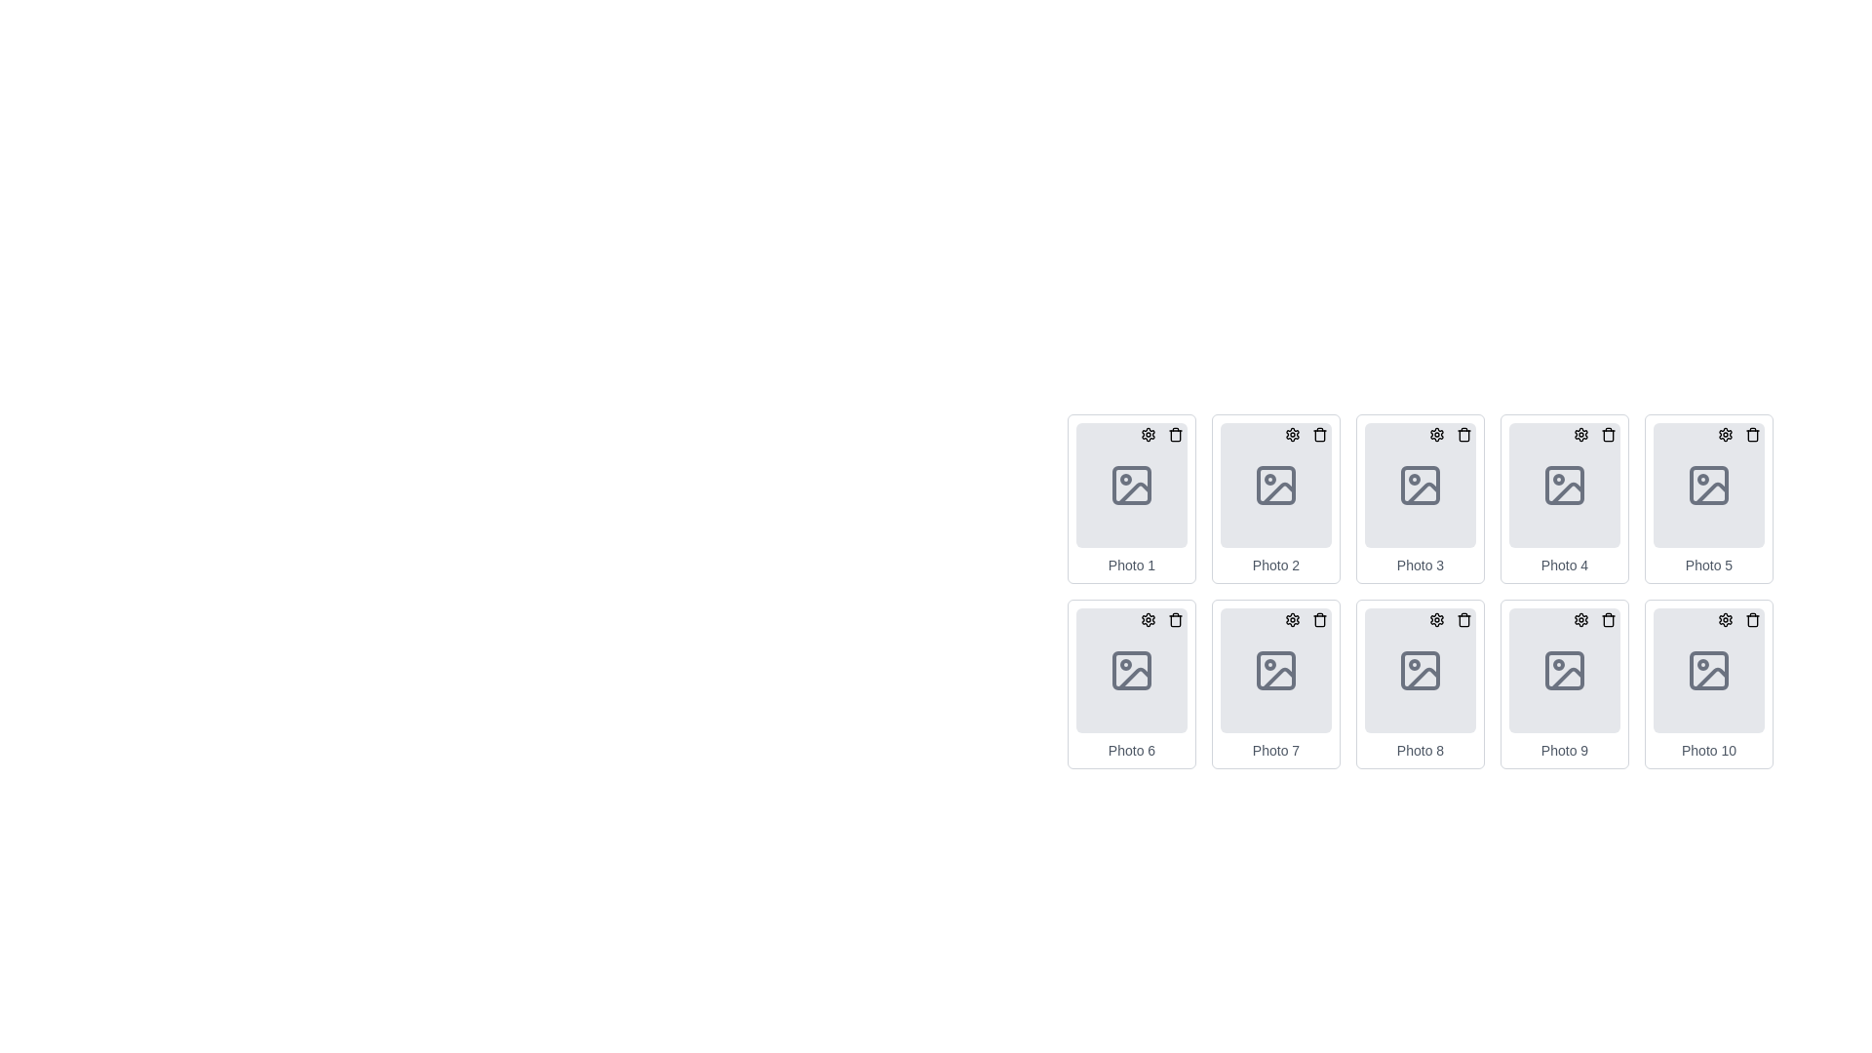 The width and height of the screenshot is (1872, 1053). I want to click on the SVG icon resembling a gear or settings symbol located in the second photo thumbnail titled 'Photo 2' in the top row of the grid layout, so click(1292, 434).